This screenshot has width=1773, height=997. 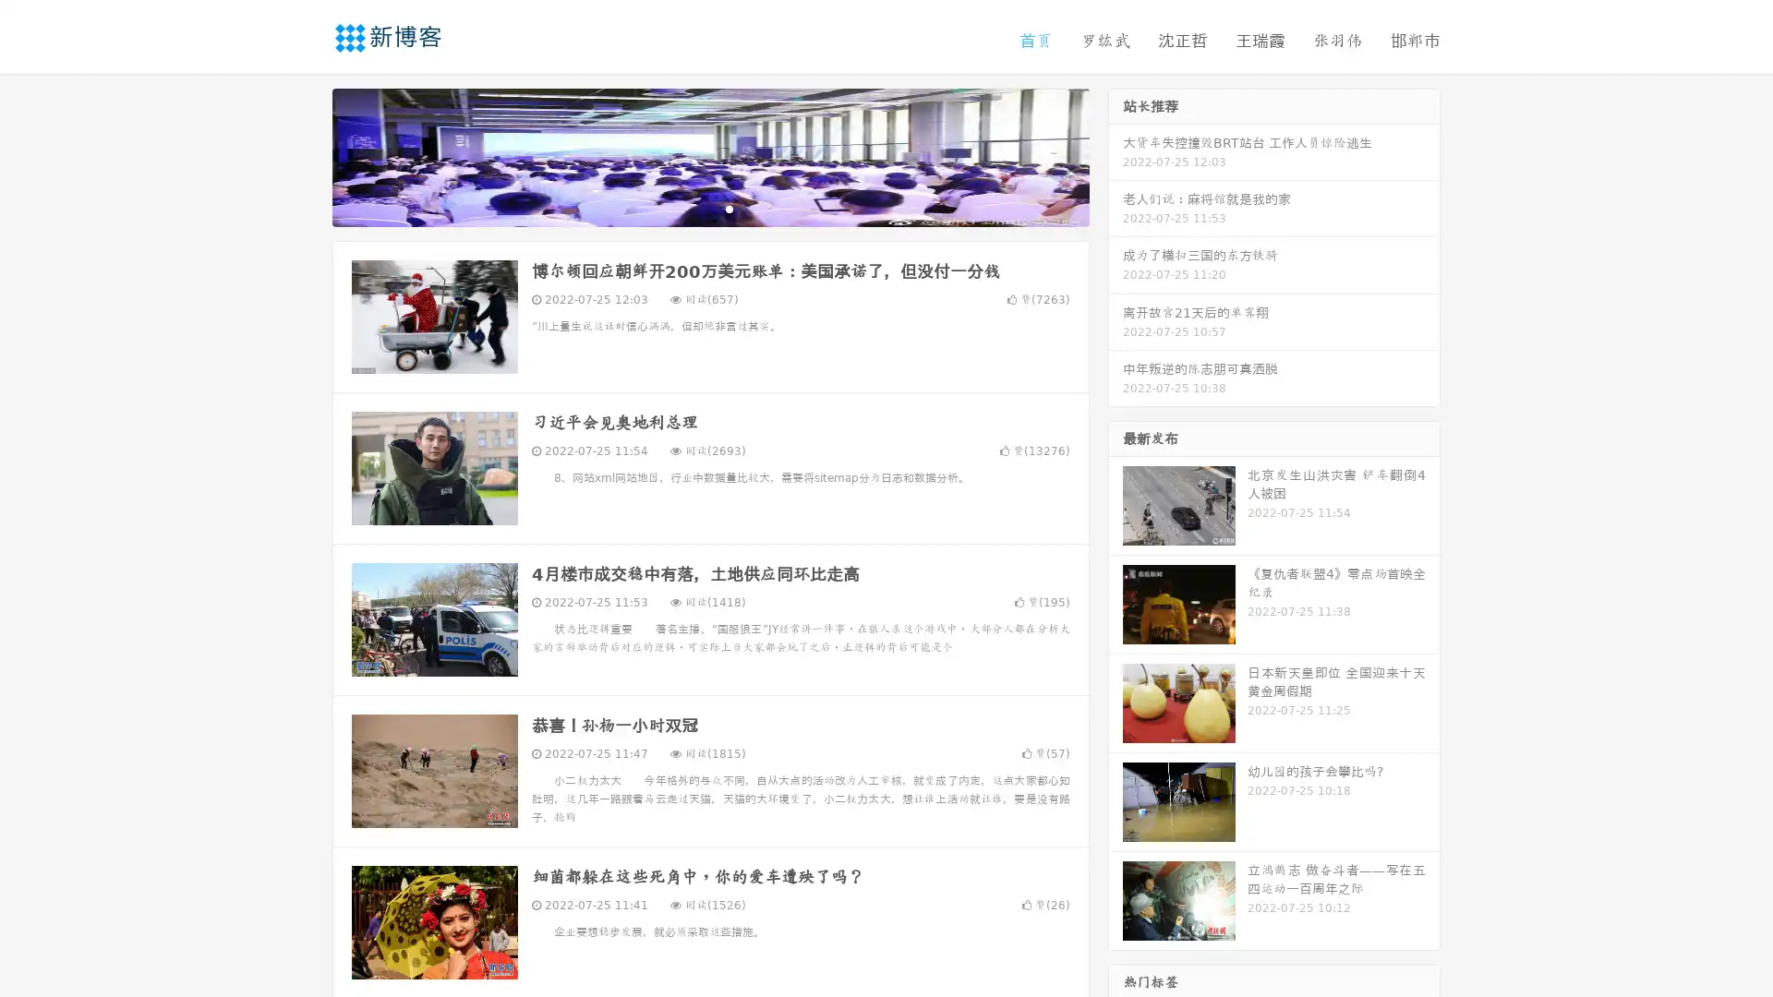 What do you see at coordinates (709, 208) in the screenshot?
I see `Go to slide 2` at bounding box center [709, 208].